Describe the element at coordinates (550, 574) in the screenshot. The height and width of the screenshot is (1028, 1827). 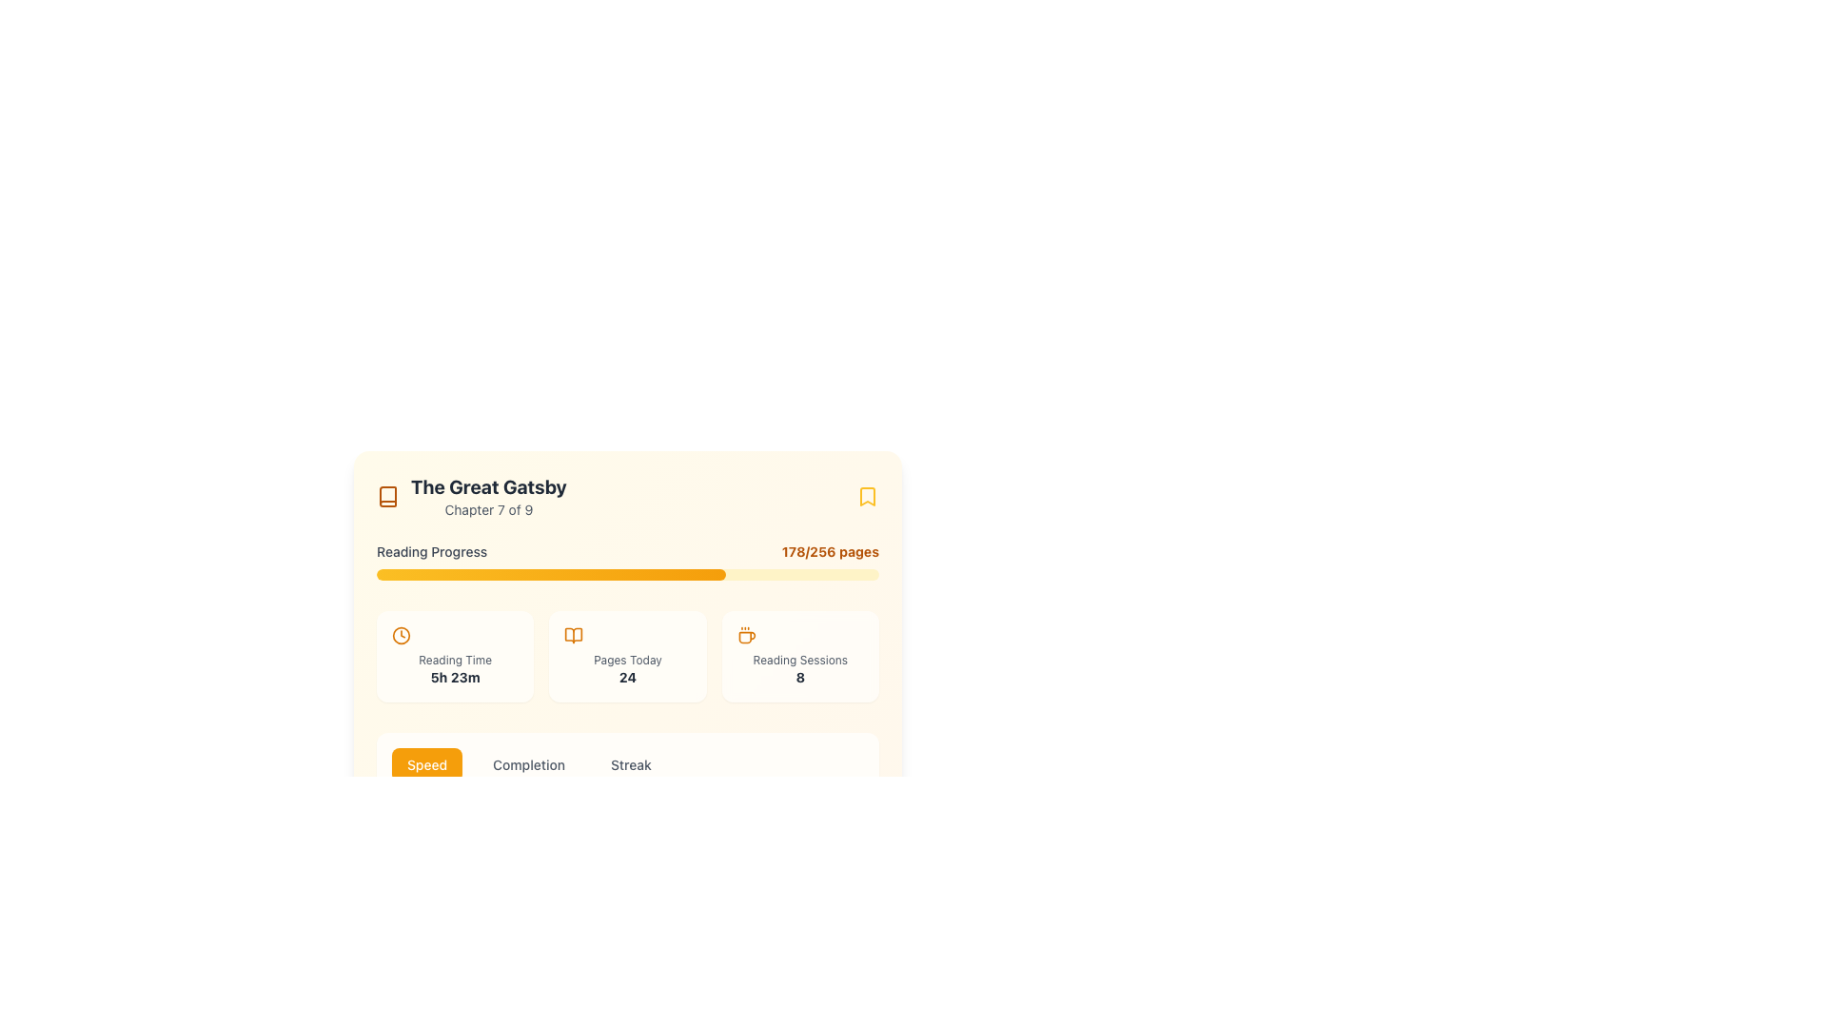
I see `progress bar segment representing the reading progress of 'The Great Gatsby' for debugging purposes` at that location.